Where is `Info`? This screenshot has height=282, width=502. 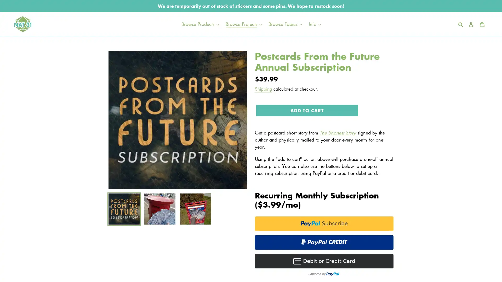 Info is located at coordinates (314, 24).